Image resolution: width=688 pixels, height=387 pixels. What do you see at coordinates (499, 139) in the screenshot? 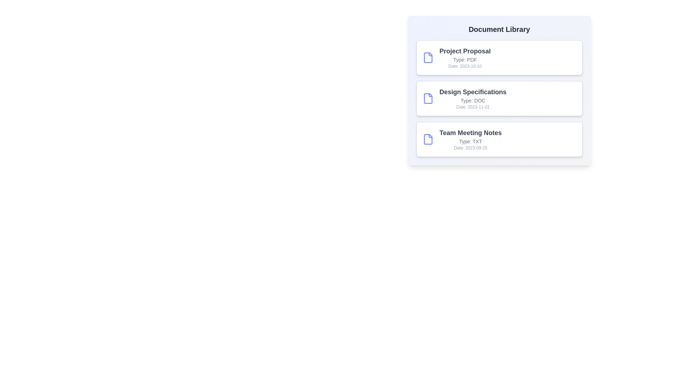
I see `the document card corresponding to Team Meeting Notes` at bounding box center [499, 139].